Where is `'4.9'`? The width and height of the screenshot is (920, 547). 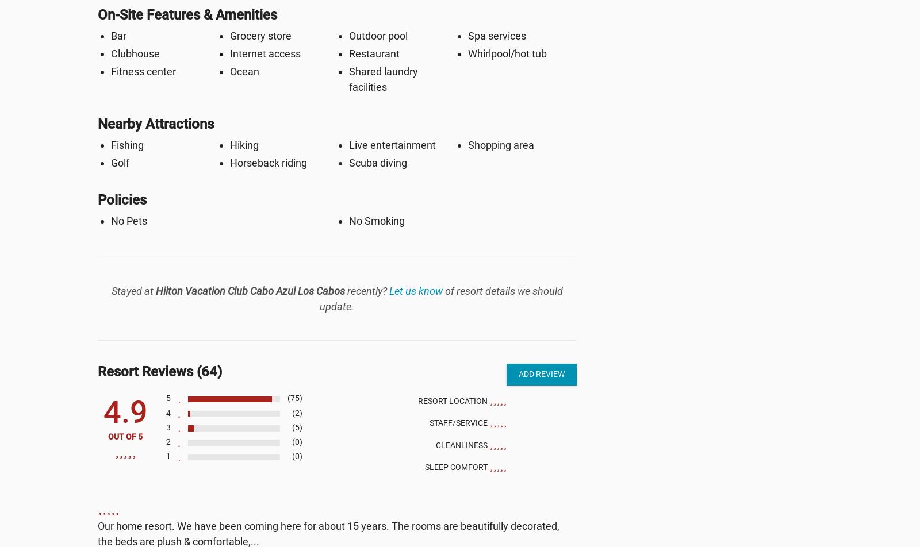 '4.9' is located at coordinates (125, 411).